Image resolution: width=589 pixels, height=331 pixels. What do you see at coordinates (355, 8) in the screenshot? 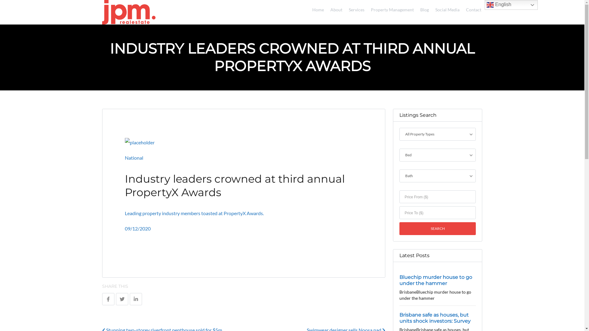
I see `'Services'` at bounding box center [355, 8].